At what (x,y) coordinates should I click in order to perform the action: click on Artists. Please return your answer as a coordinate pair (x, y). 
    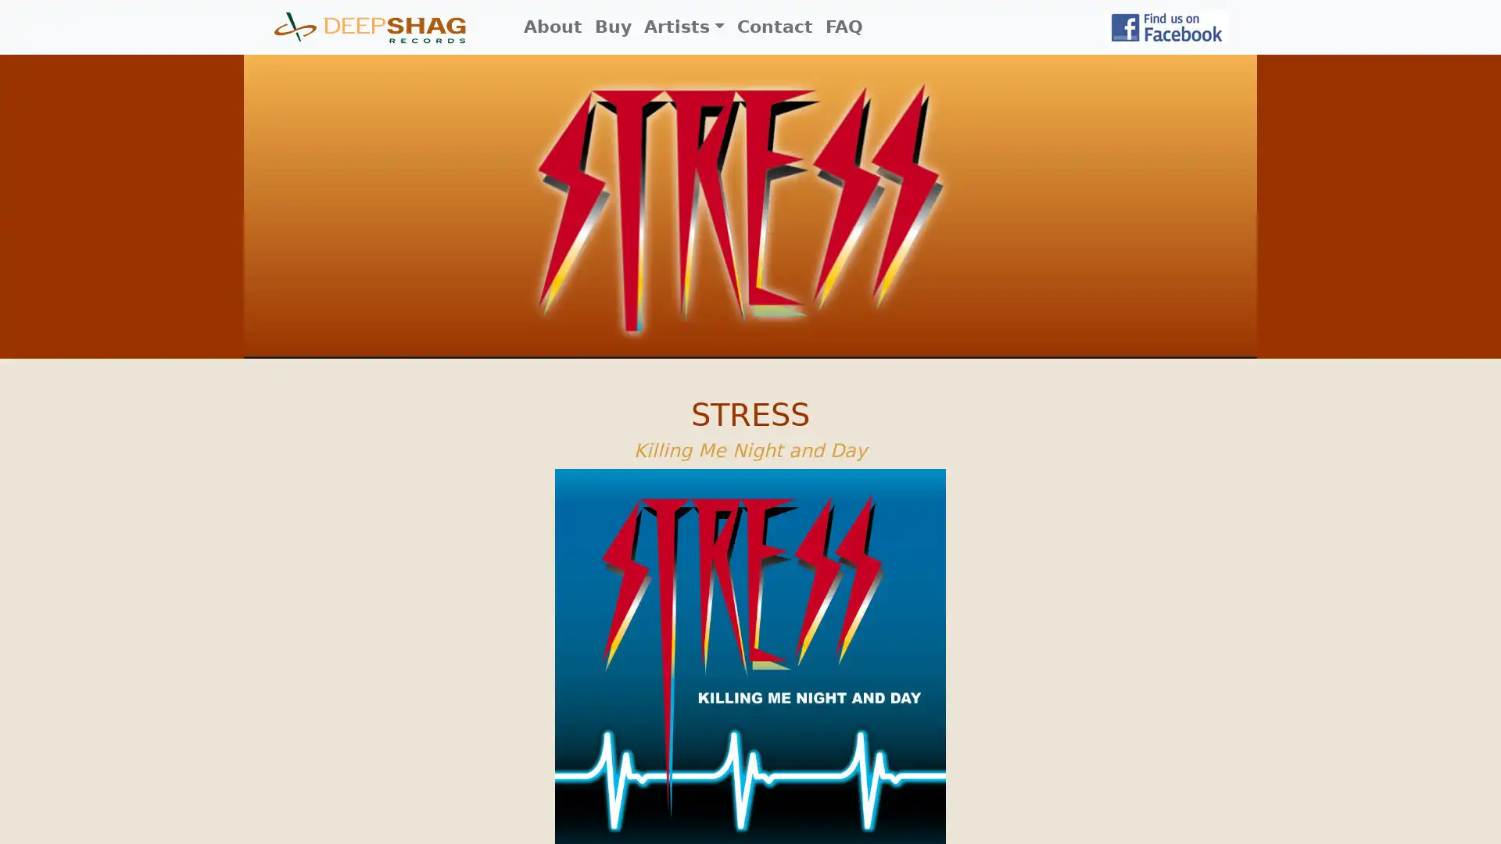
    Looking at the image, I should click on (683, 27).